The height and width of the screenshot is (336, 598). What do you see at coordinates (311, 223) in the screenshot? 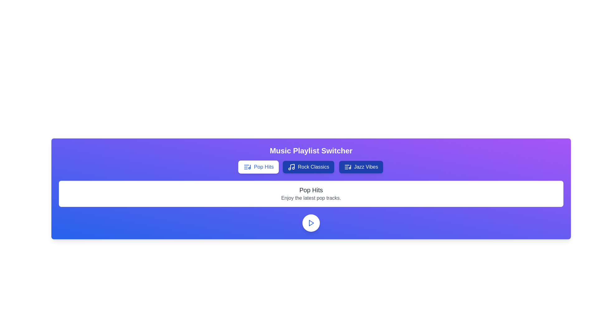
I see `the button located at the bottom section of the card interface, below the text 'Pop Hits' and 'Enjoy the latest pop tracks.'` at bounding box center [311, 223].